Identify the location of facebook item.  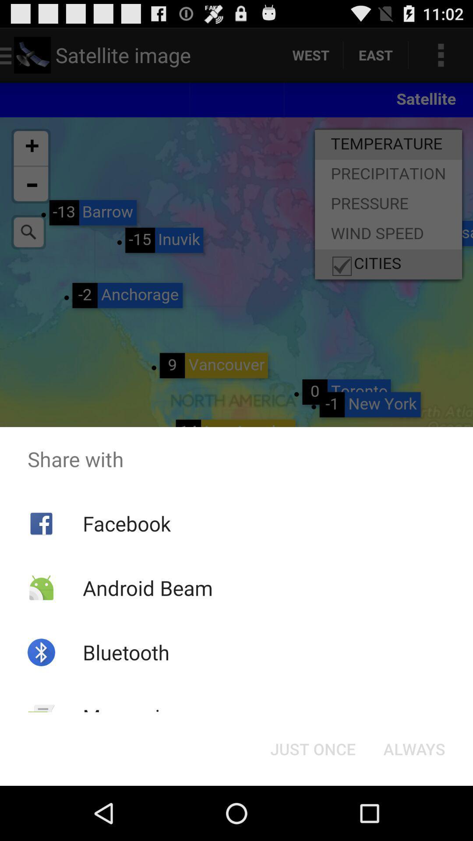
(127, 523).